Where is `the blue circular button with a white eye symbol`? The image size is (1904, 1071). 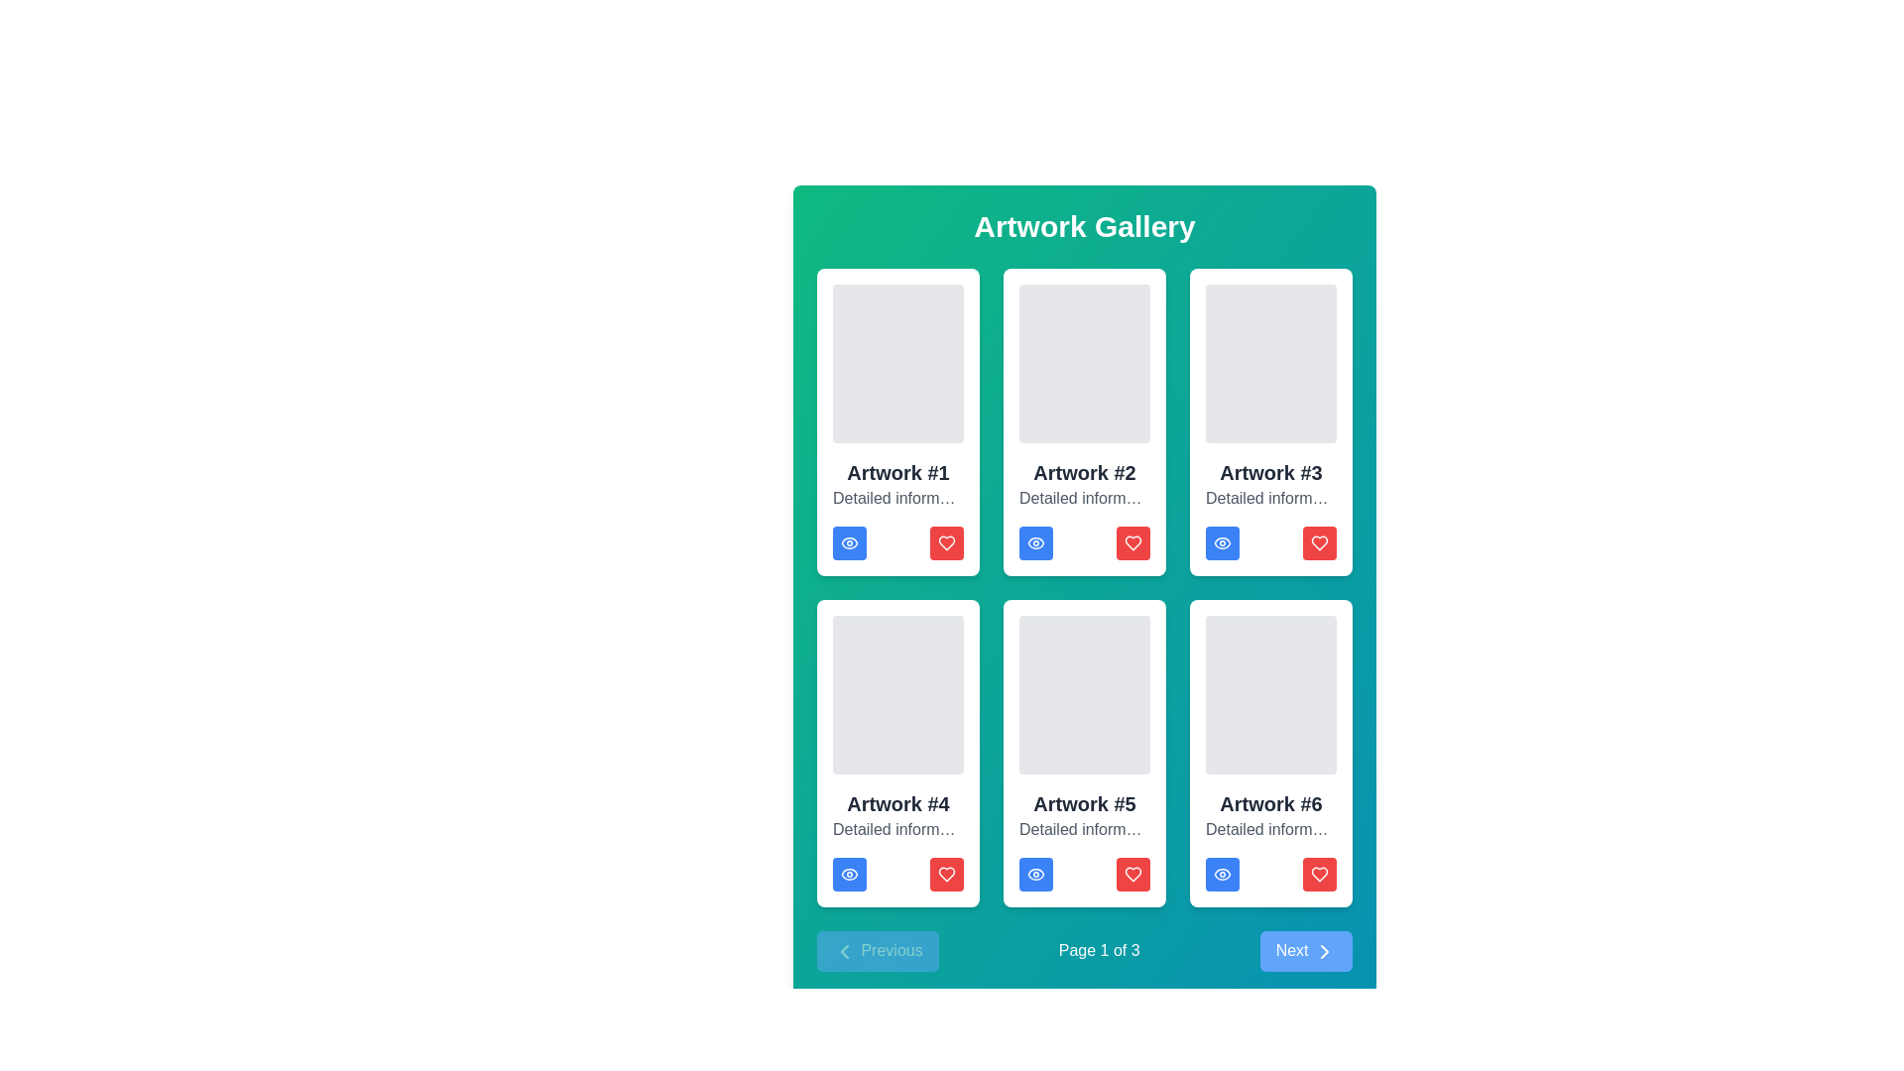
the blue circular button with a white eye symbol is located at coordinates (1035, 542).